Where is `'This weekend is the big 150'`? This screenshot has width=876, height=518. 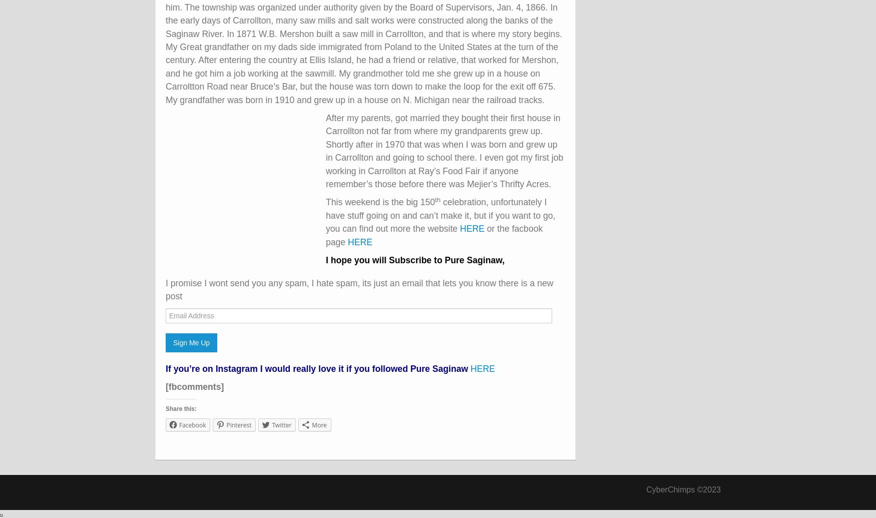 'This weekend is the big 150' is located at coordinates (380, 202).